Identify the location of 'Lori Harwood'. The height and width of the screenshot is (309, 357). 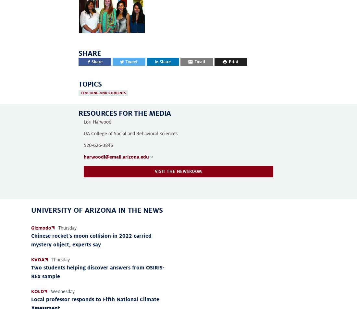
(97, 121).